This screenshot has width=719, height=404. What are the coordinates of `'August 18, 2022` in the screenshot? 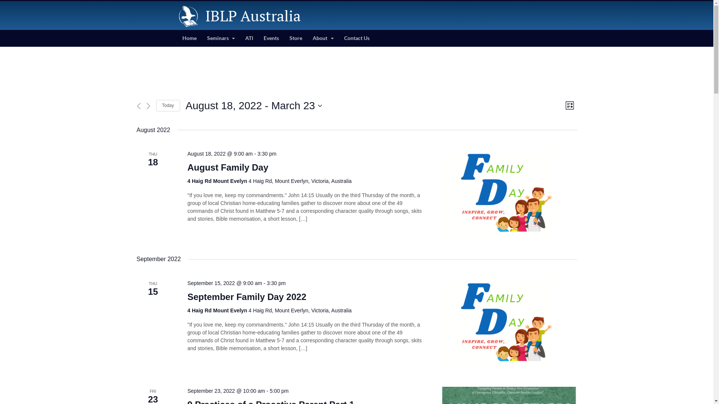 It's located at (254, 105).